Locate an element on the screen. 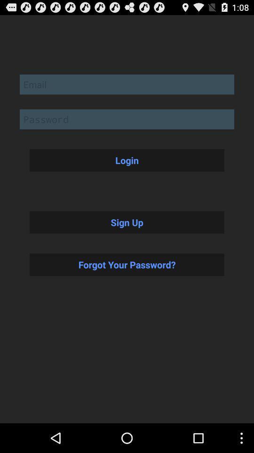  item above sign up icon is located at coordinates (127, 160).